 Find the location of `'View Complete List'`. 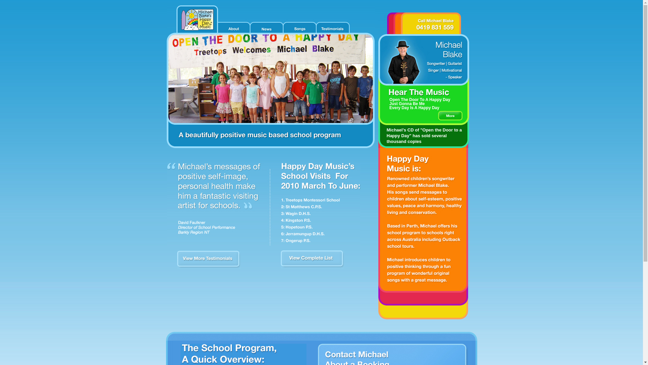

'View Complete List' is located at coordinates (312, 267).